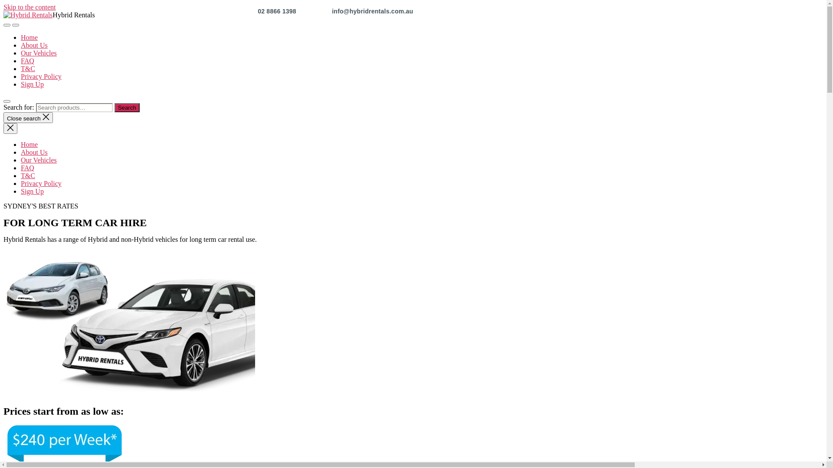 This screenshot has width=833, height=468. I want to click on 'T&C', so click(28, 68).